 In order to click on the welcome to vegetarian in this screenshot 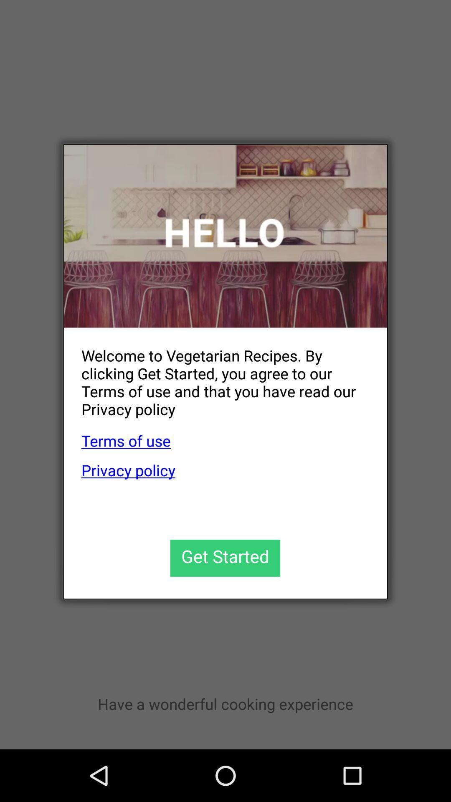, I will do `click(216, 375)`.